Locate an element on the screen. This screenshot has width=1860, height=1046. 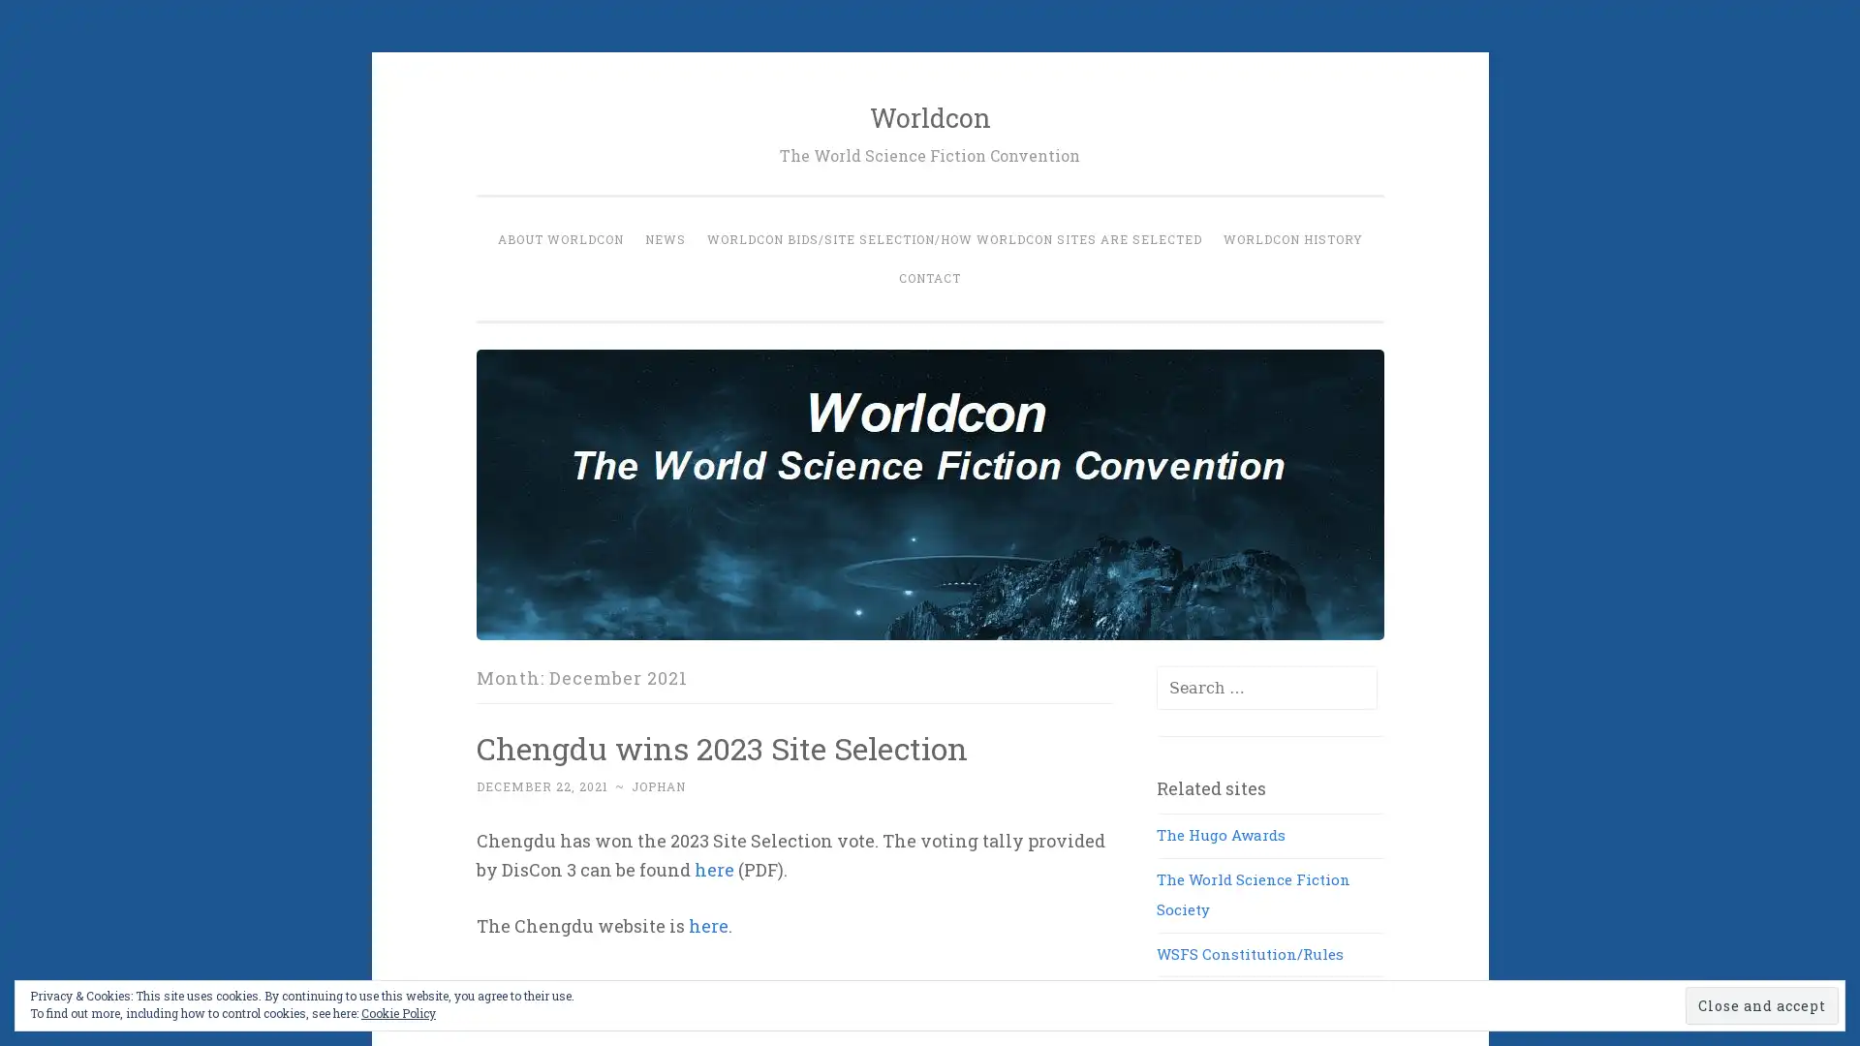
Close and accept is located at coordinates (1762, 1004).